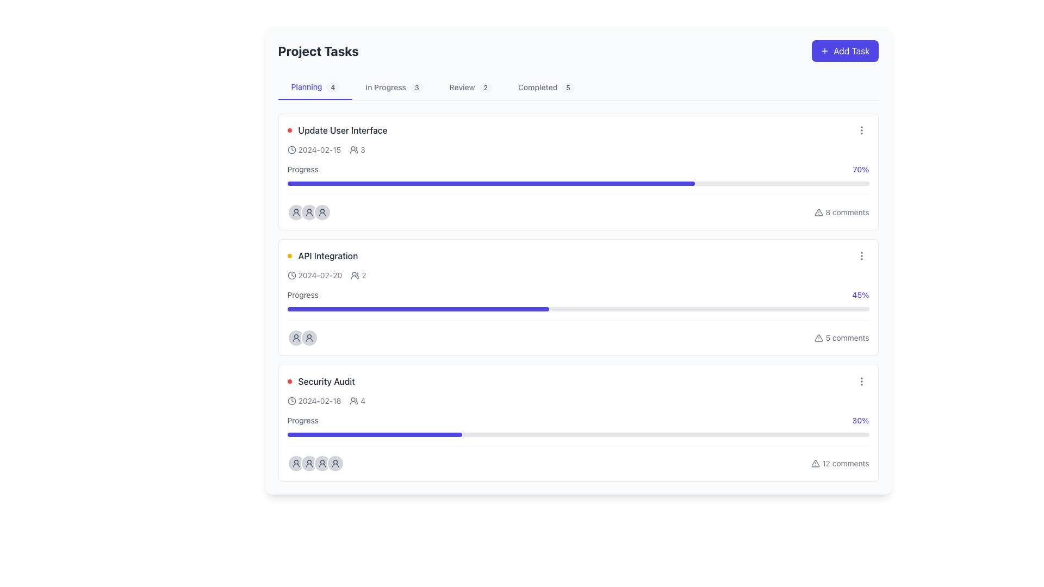  What do you see at coordinates (841, 212) in the screenshot?
I see `the text label displaying '8 comments' with a triangle-shaped icon on its left, located in the far-right section of the task card titled 'Update User Interface'` at bounding box center [841, 212].